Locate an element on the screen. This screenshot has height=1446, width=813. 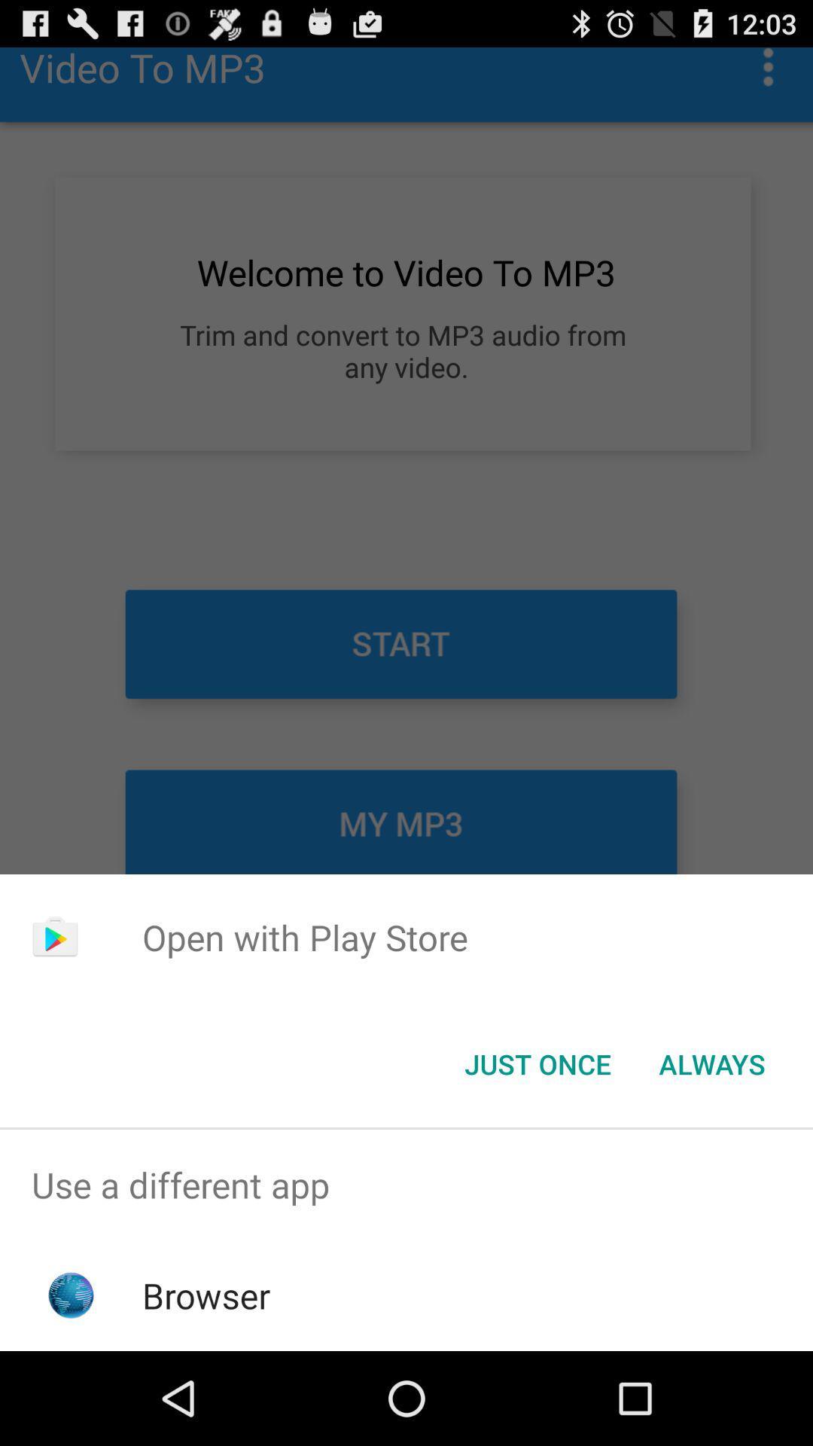
item at the bottom right corner is located at coordinates (711, 1063).